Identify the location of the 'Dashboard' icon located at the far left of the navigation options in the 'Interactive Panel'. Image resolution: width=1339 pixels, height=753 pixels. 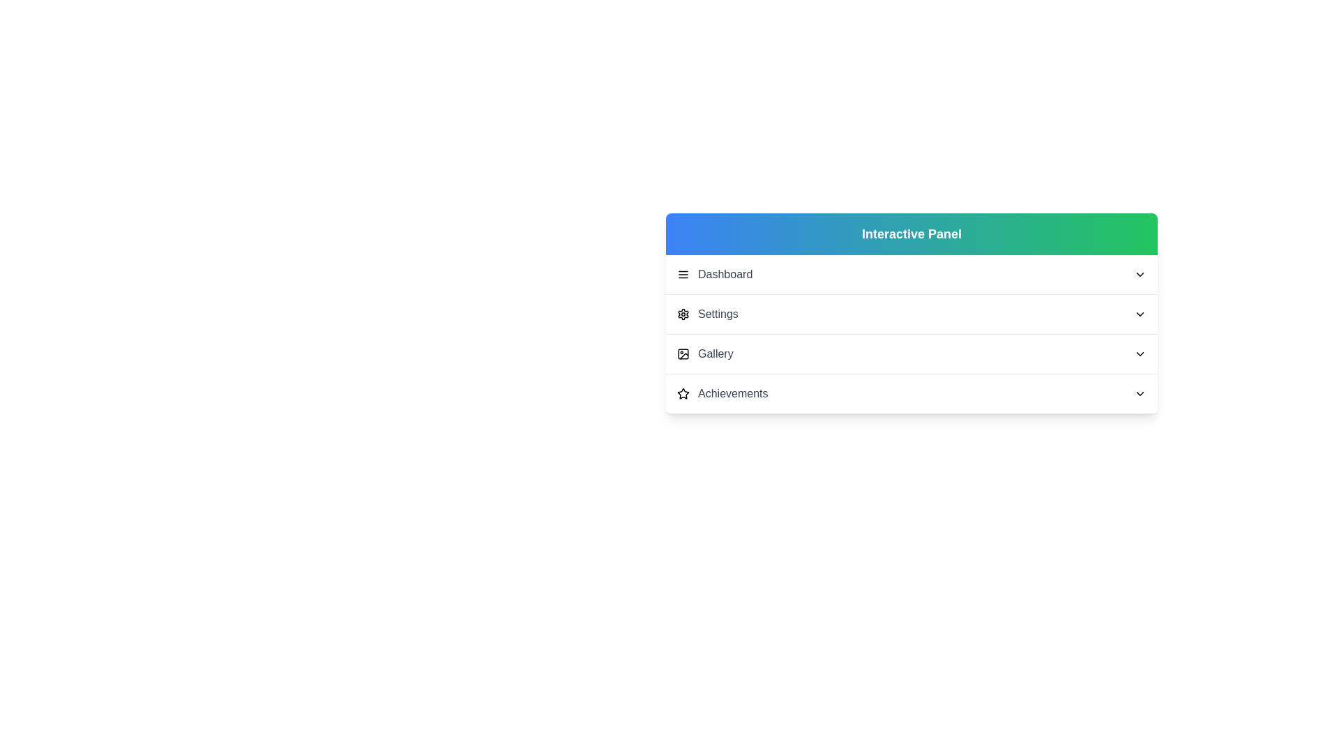
(683, 274).